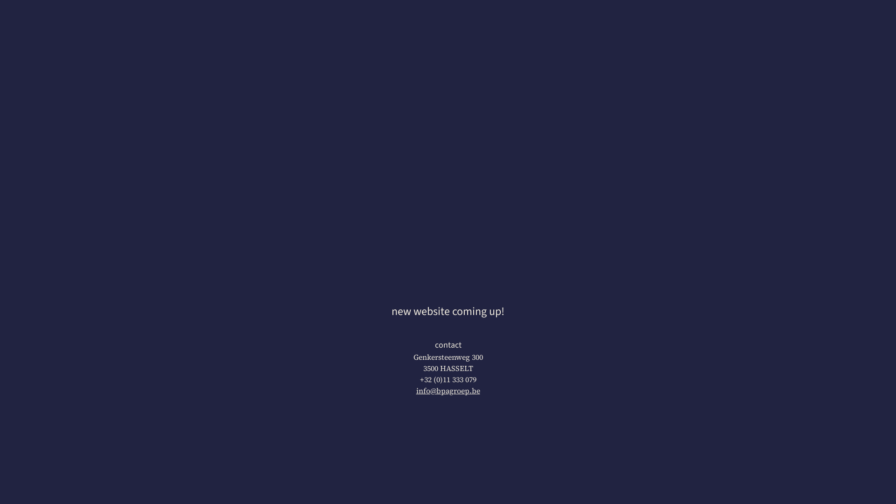 This screenshot has width=896, height=504. Describe the element at coordinates (448, 391) in the screenshot. I see `'info@bpagroep.be'` at that location.